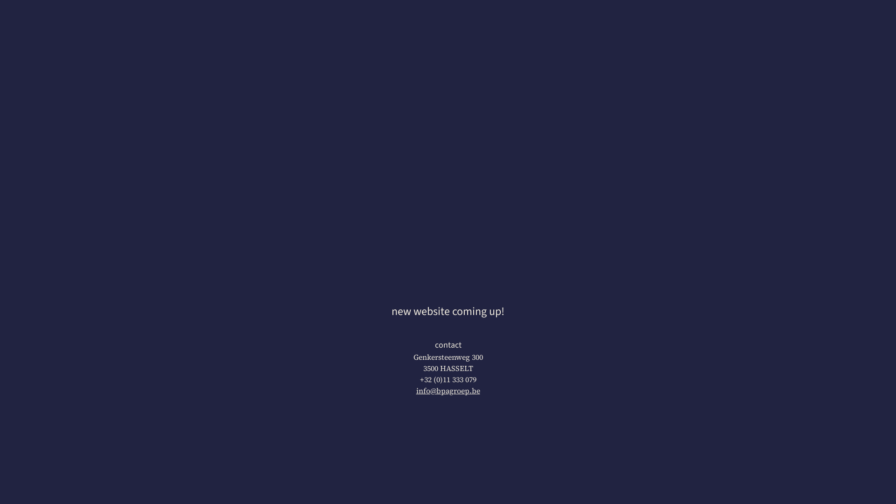 This screenshot has width=896, height=504. Describe the element at coordinates (448, 391) in the screenshot. I see `'info@bpagroep.be'` at that location.